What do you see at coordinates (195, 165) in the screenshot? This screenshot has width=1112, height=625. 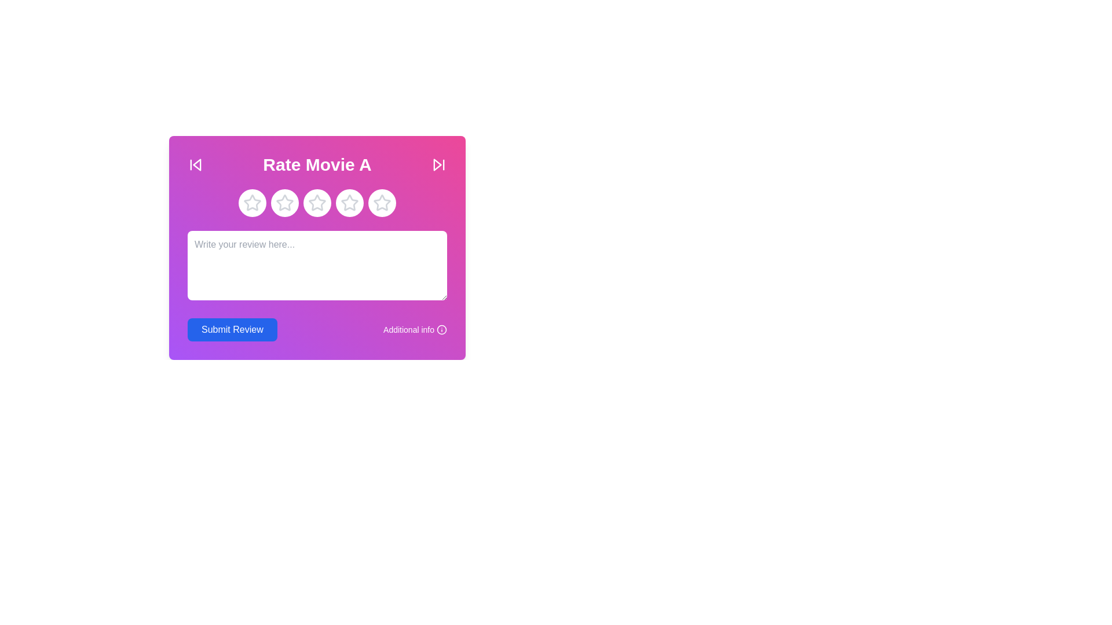 I see `the 'skip back' button, which is a white icon on a pink background located at the top-left corner of the dialog box` at bounding box center [195, 165].